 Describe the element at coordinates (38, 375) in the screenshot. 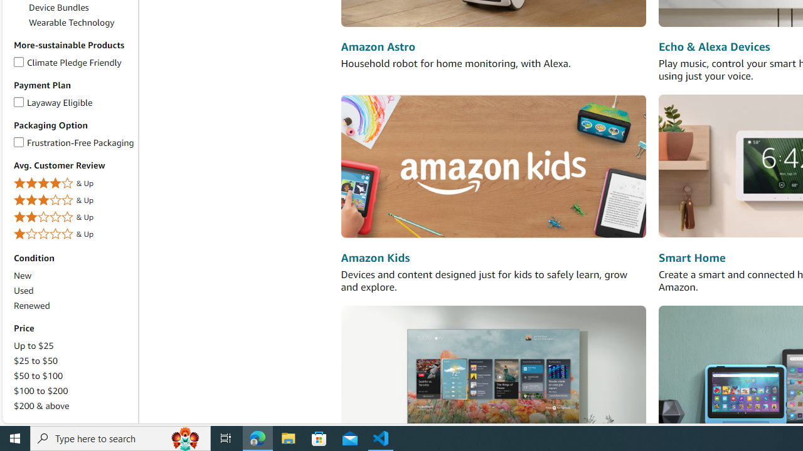

I see `'$50 to $100'` at that location.